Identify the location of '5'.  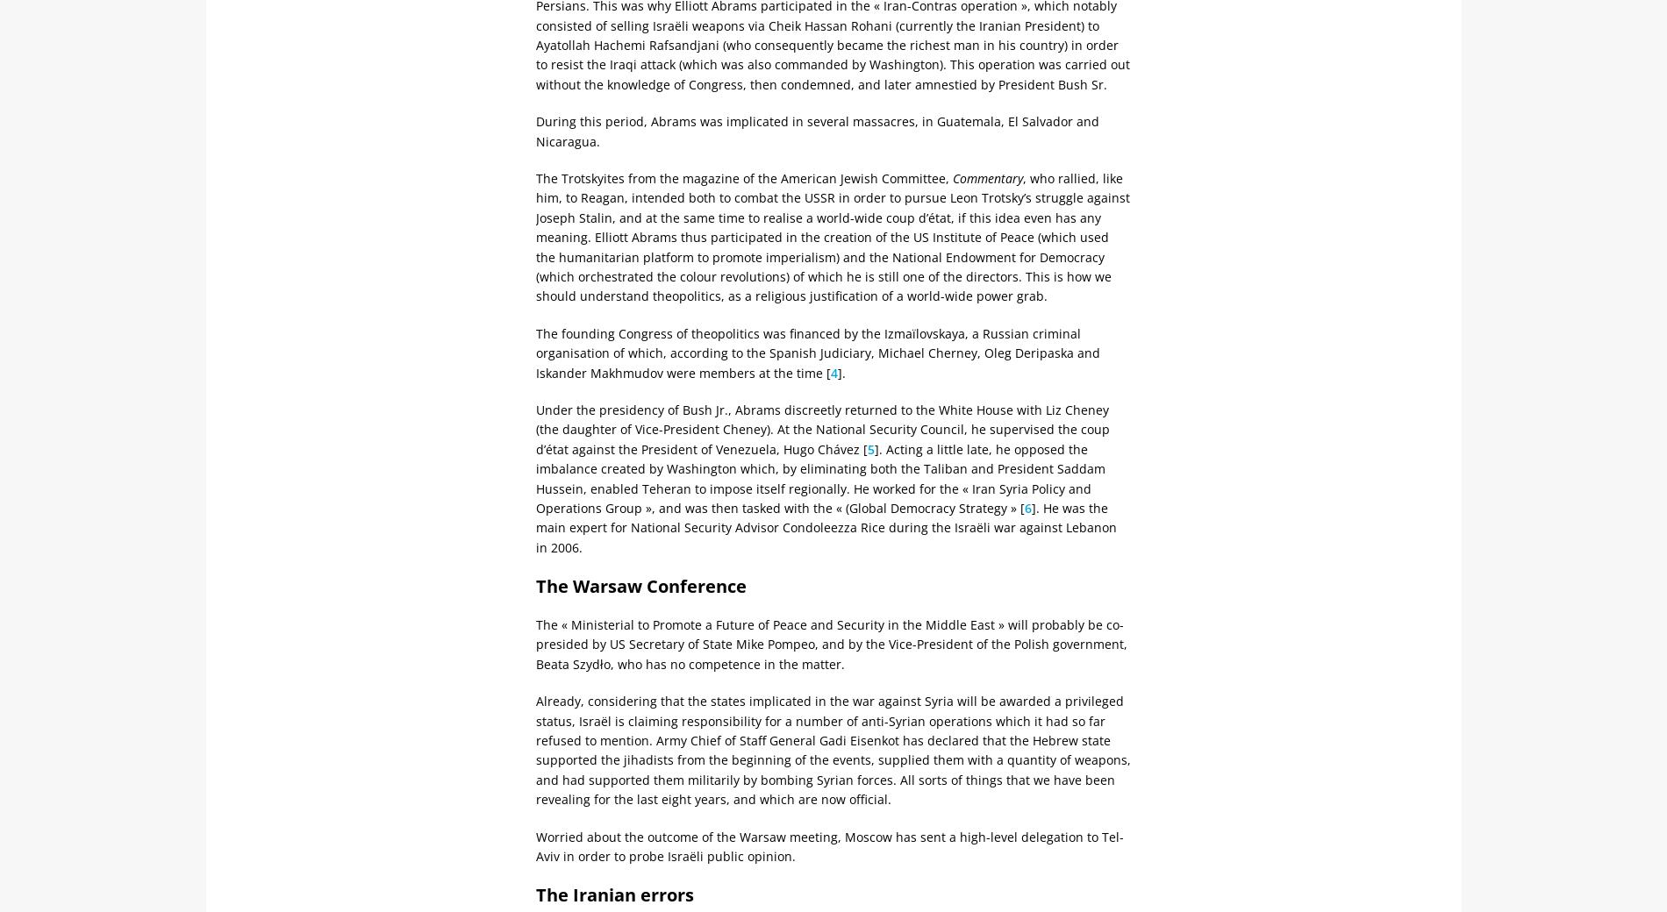
(870, 448).